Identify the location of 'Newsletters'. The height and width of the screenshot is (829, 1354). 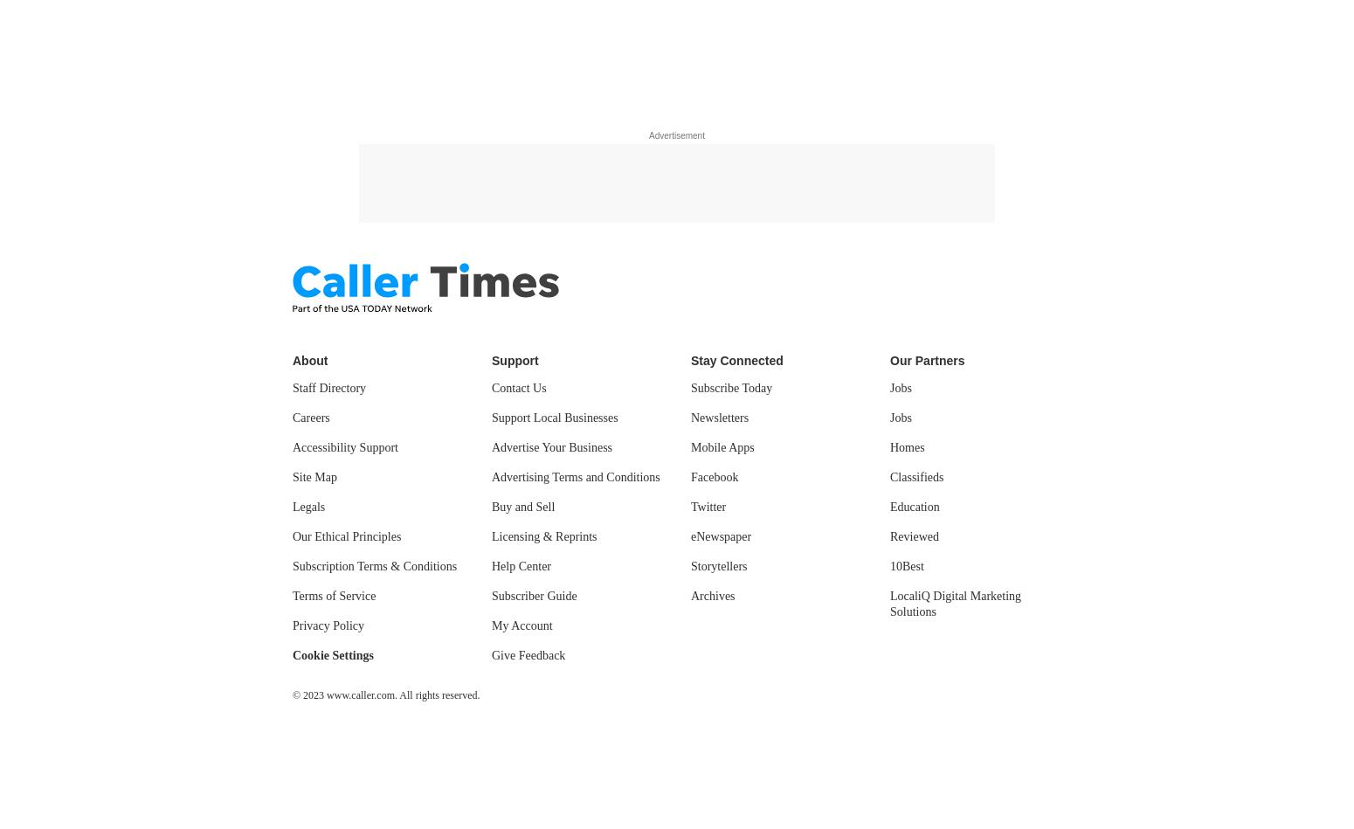
(718, 417).